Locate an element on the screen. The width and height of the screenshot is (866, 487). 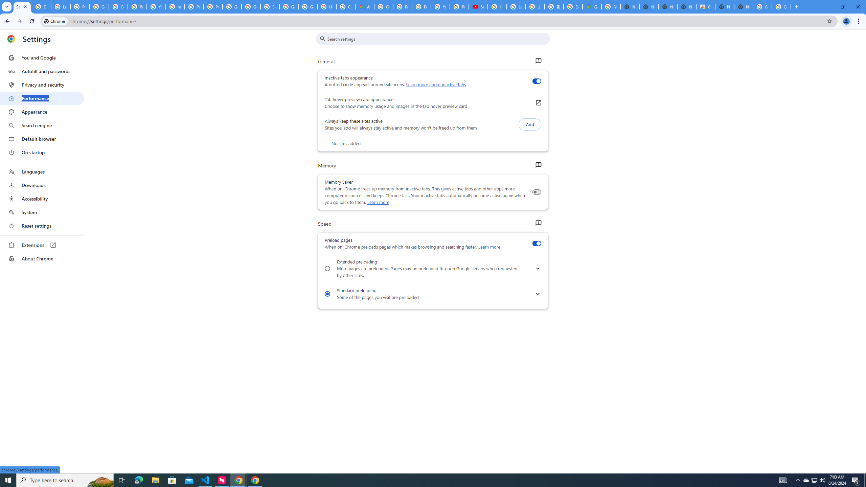
'Search settings' is located at coordinates (437, 39).